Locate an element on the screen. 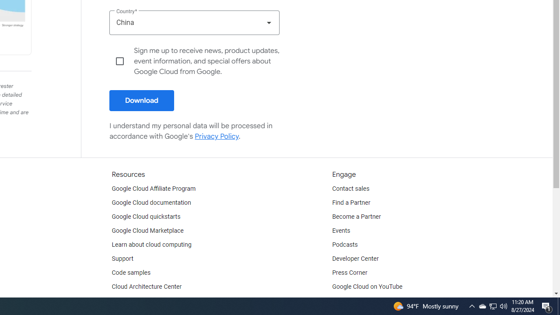 The height and width of the screenshot is (315, 560). 'Google Cloud Affiliate Program' is located at coordinates (154, 189).